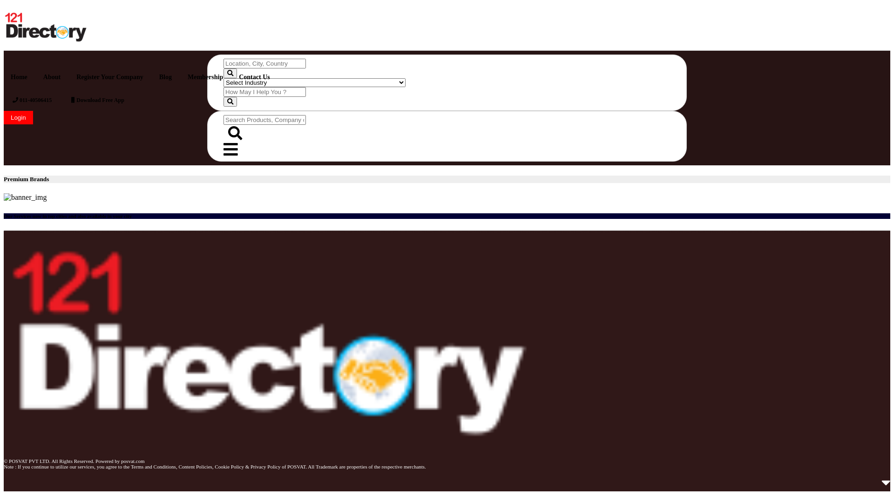 This screenshot has height=503, width=894. I want to click on 'posvat.com', so click(120, 461).